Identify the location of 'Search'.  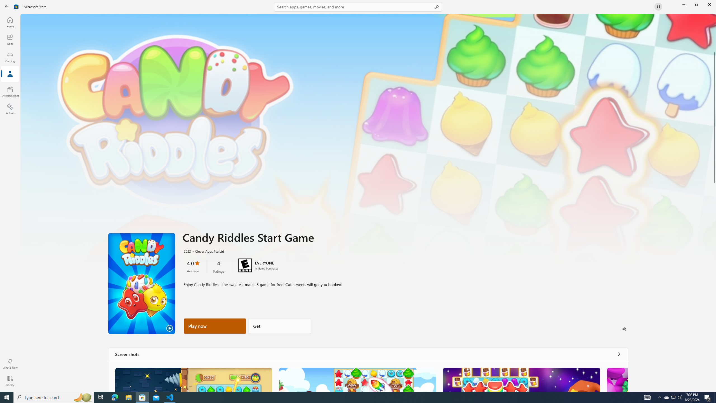
(358, 6).